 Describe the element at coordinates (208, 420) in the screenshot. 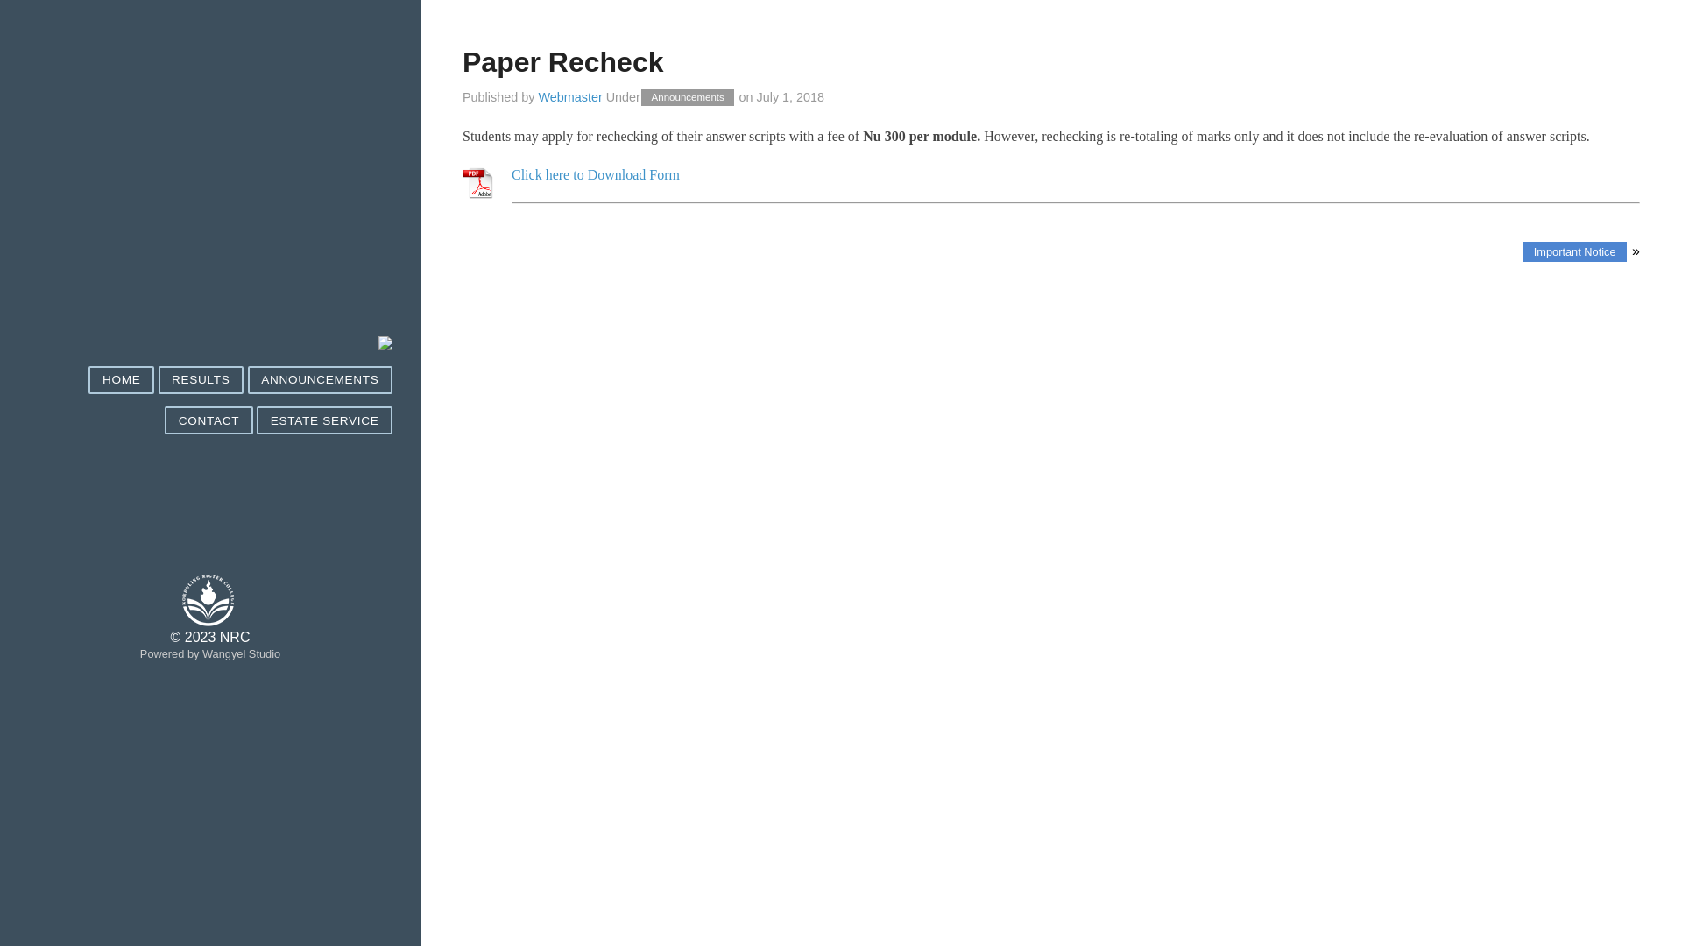

I see `'CONTACT'` at that location.